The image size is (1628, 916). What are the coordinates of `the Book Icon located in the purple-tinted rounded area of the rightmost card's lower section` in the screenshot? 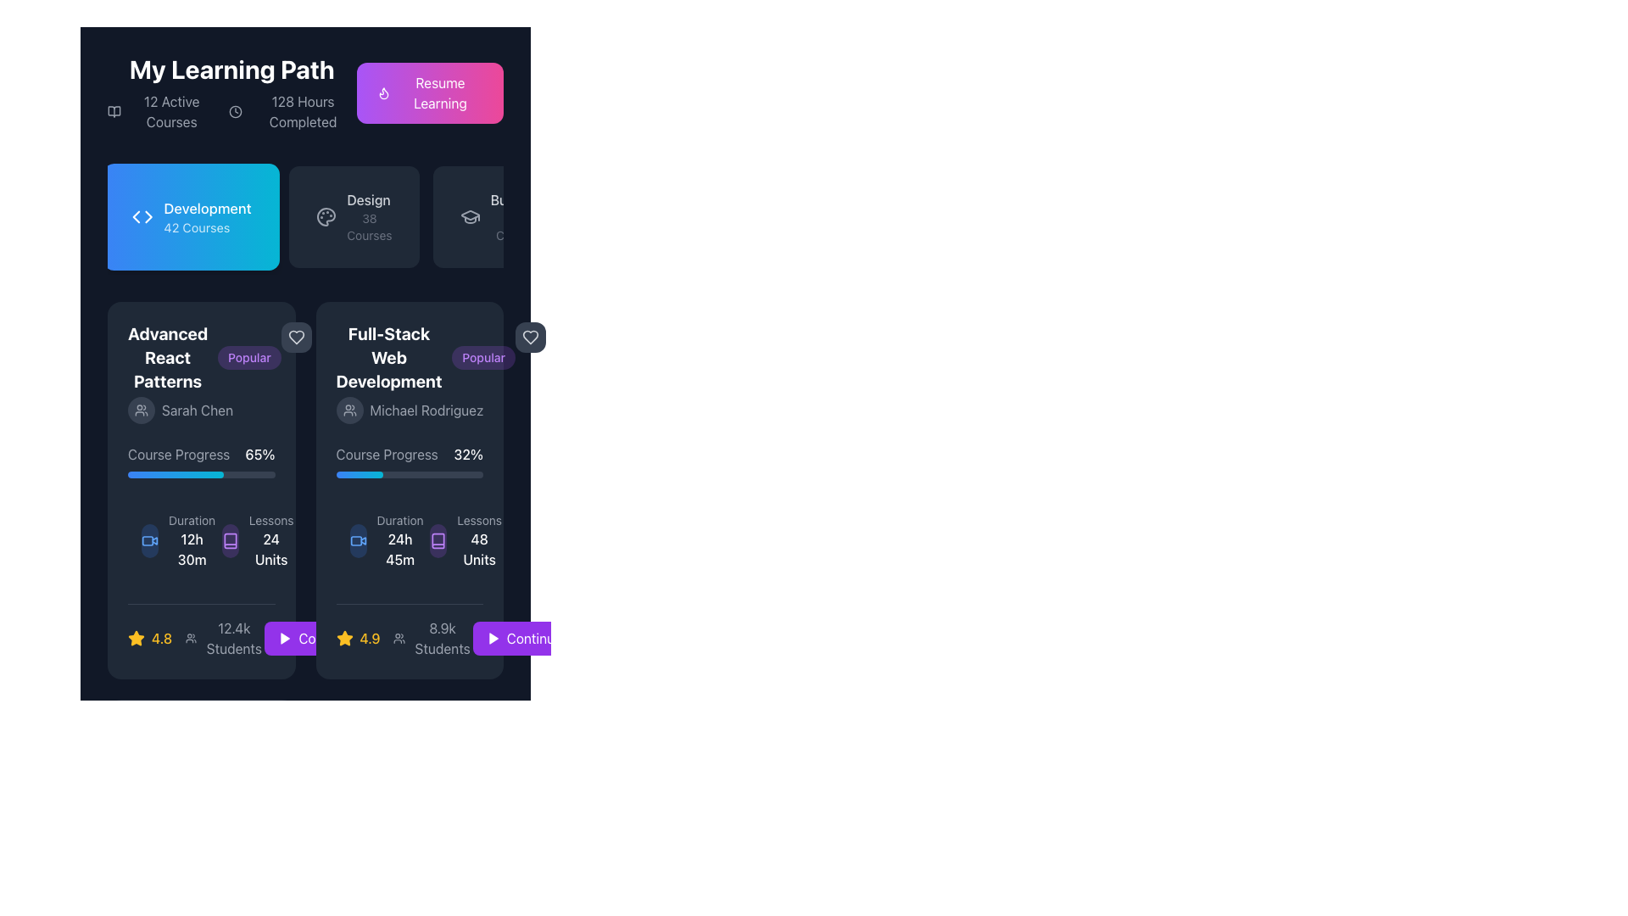 It's located at (438, 540).